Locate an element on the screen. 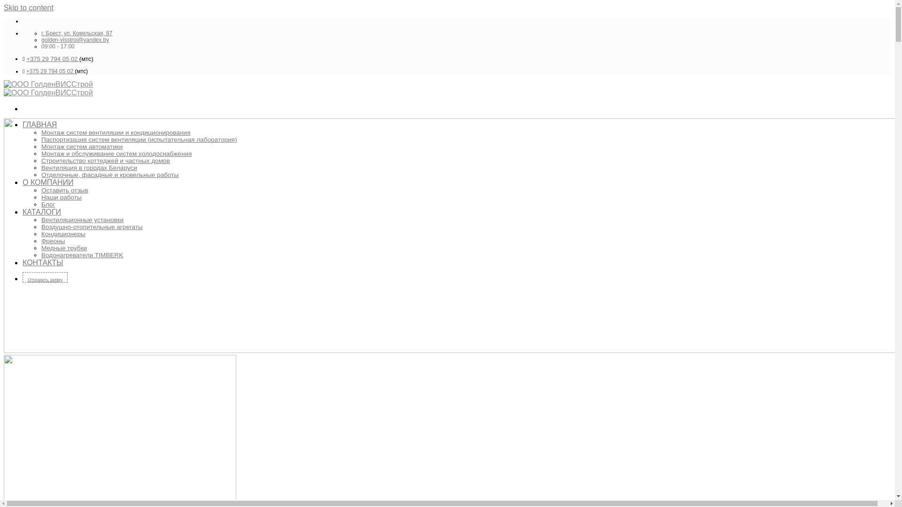 The height and width of the screenshot is (507, 902). '+37' is located at coordinates (31, 59).